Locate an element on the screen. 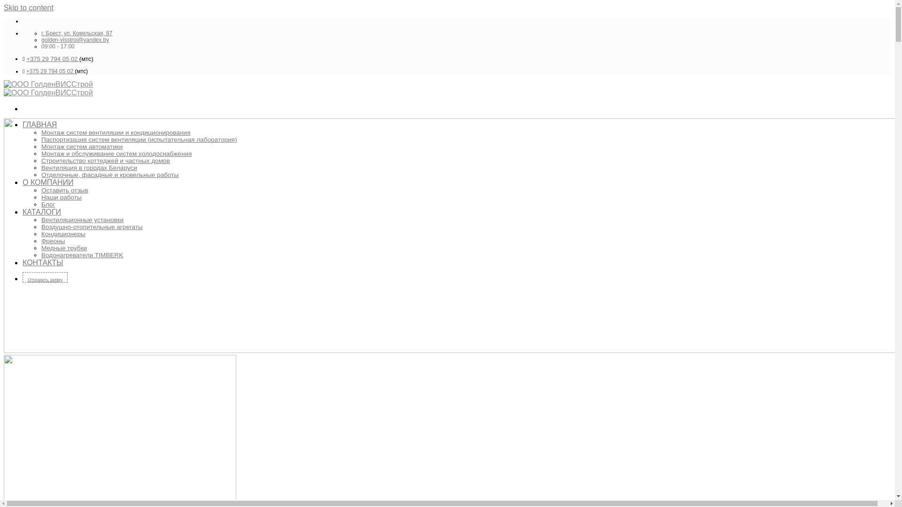 The height and width of the screenshot is (507, 902). '+37' is located at coordinates (31, 59).